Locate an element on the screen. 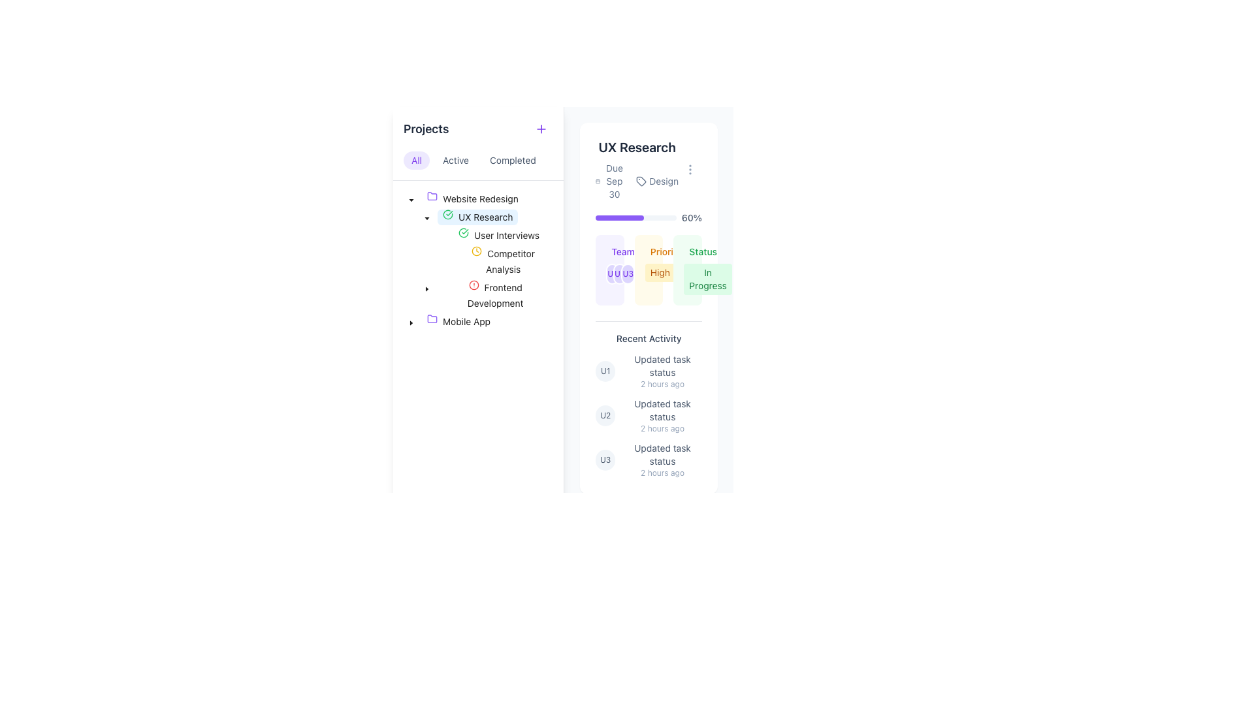 The height and width of the screenshot is (705, 1254). the 'UX Research' tree menu item, which is a textual item with a green checkmark indicating an active state, located is located at coordinates (460, 216).